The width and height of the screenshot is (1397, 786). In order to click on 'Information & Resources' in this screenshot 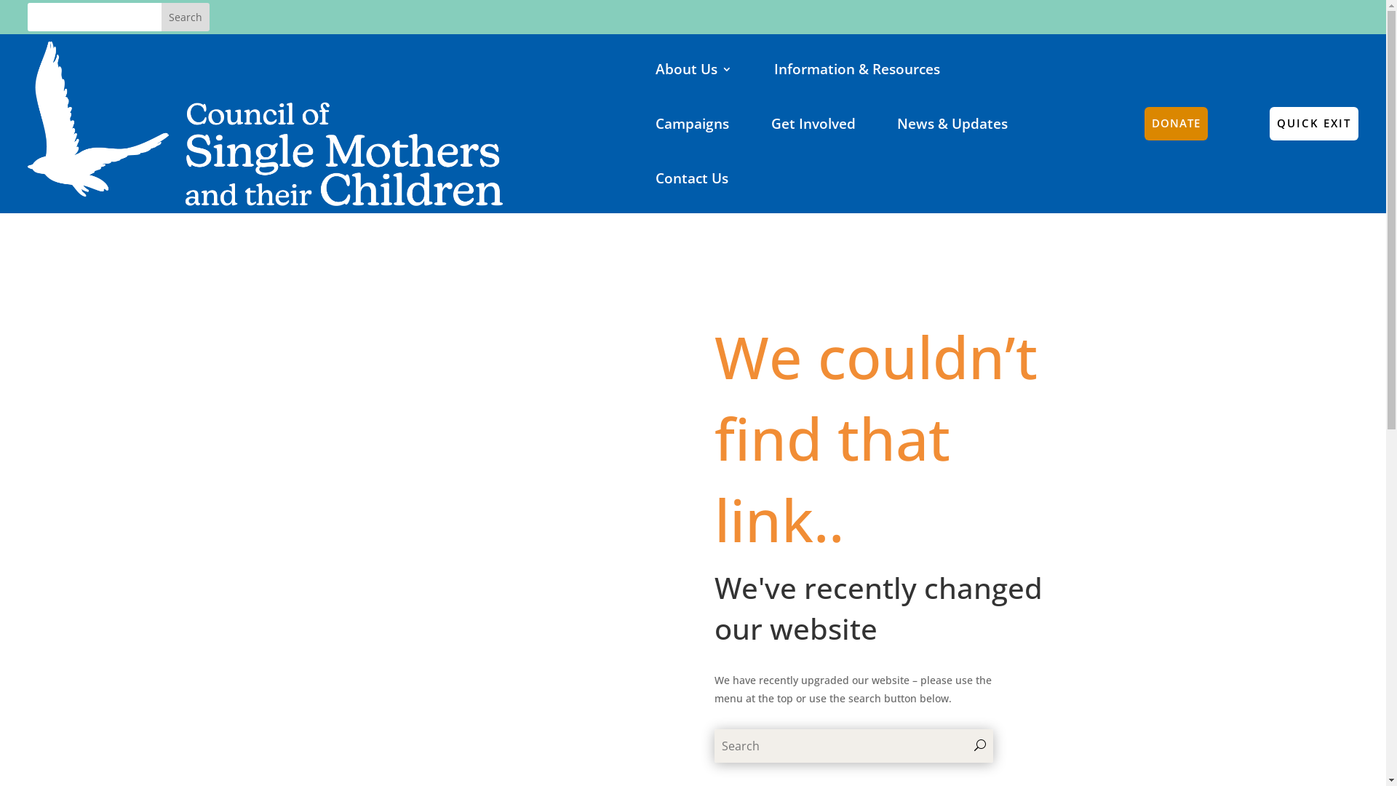, I will do `click(856, 68)`.